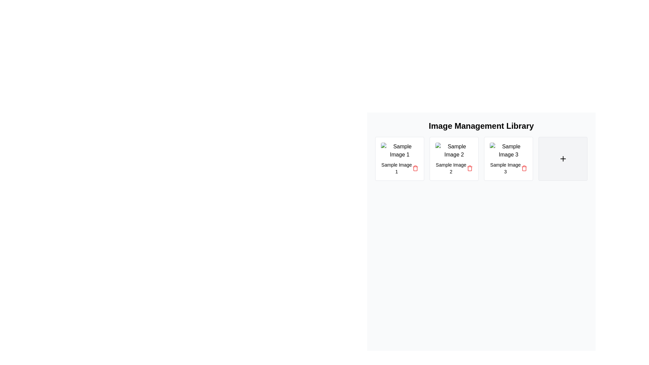 The image size is (649, 365). What do you see at coordinates (451, 168) in the screenshot?
I see `the text label displaying 'Sample Image 2', which is positioned directly below its corresponding thumbnail image in the image management interface` at bounding box center [451, 168].